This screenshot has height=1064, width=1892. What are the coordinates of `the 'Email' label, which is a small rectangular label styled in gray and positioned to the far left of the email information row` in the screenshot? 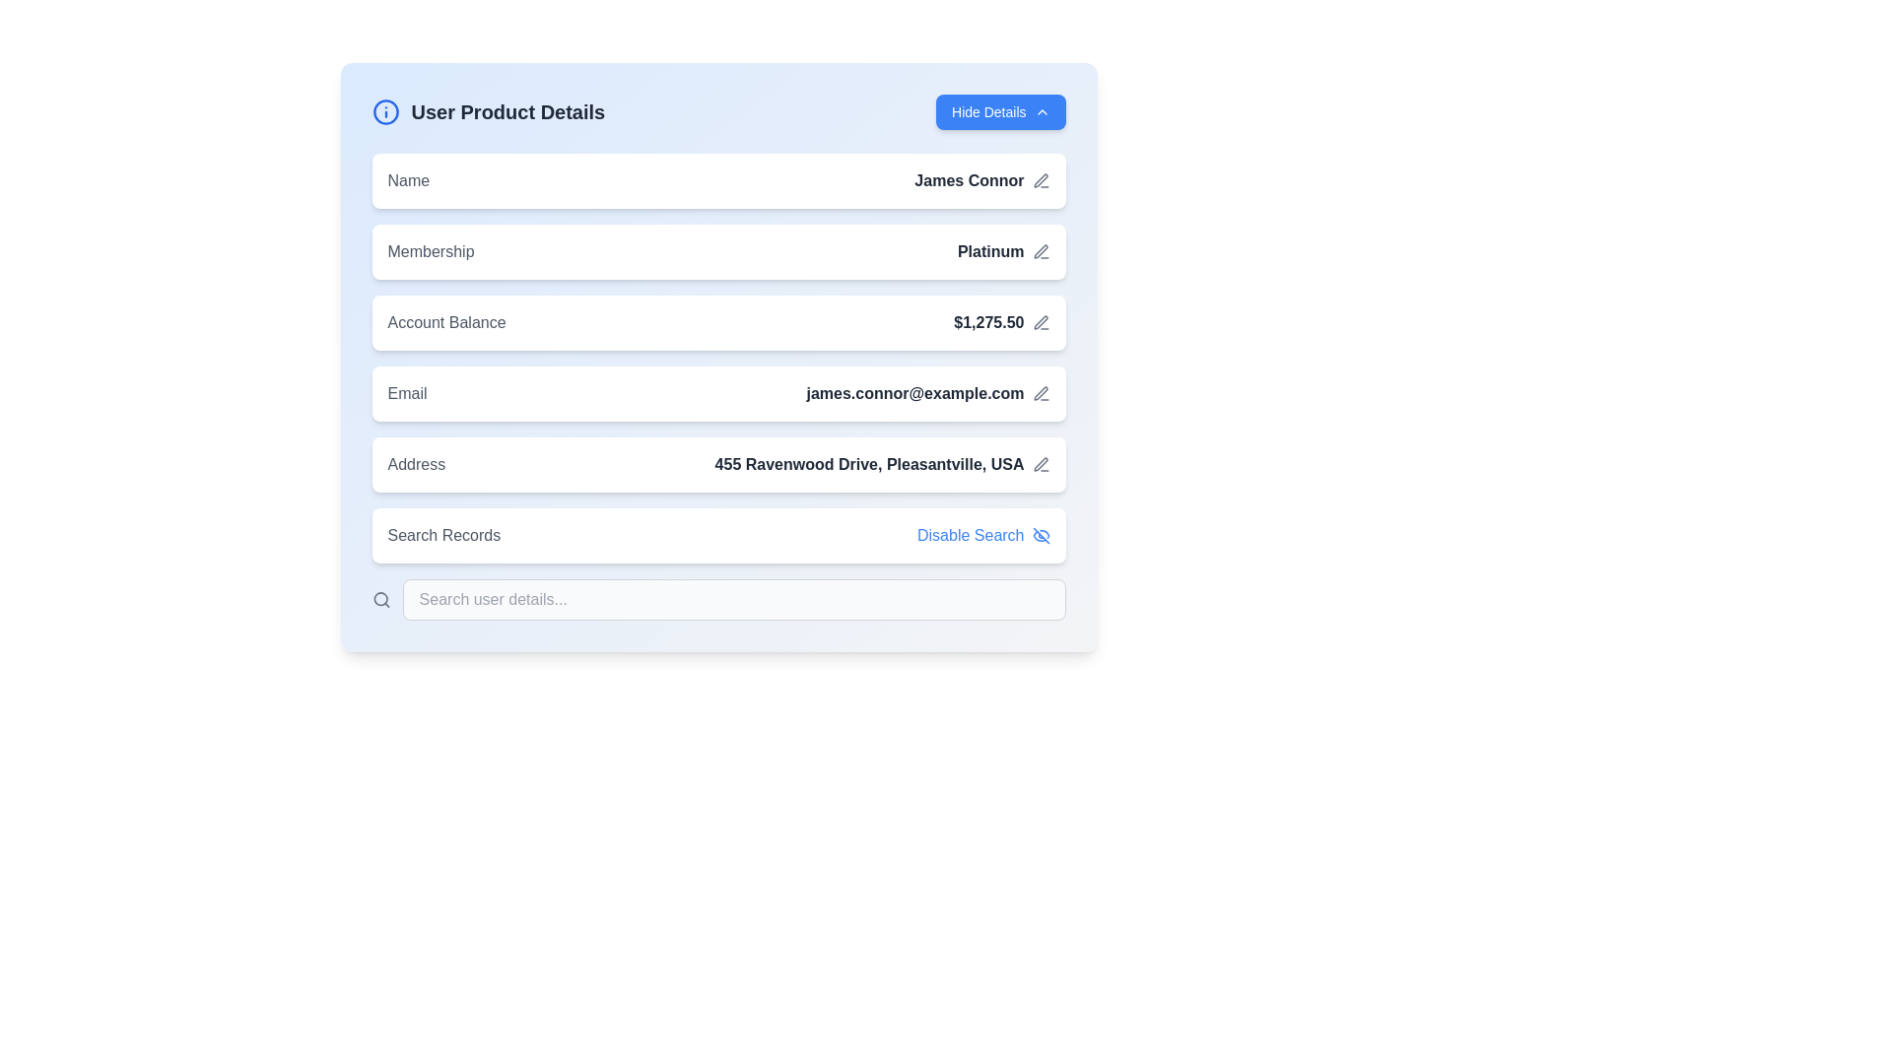 It's located at (406, 394).